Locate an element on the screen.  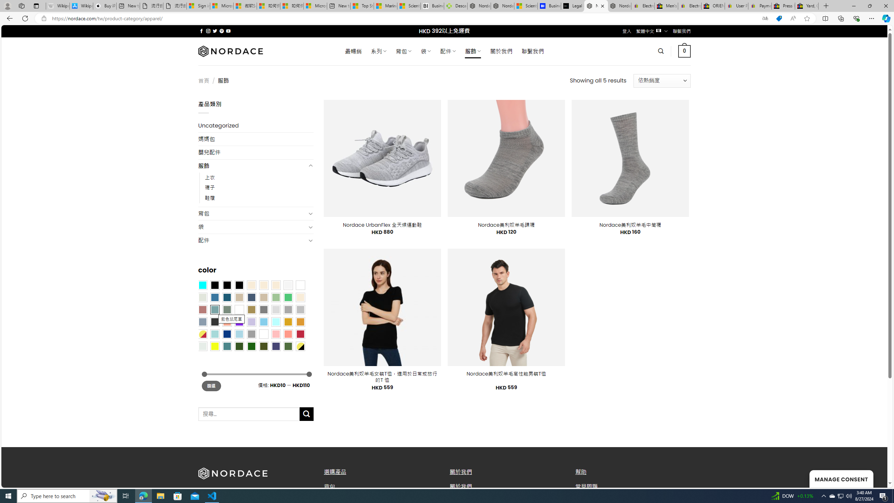
'Buy iPad - Apple' is located at coordinates (104, 6).